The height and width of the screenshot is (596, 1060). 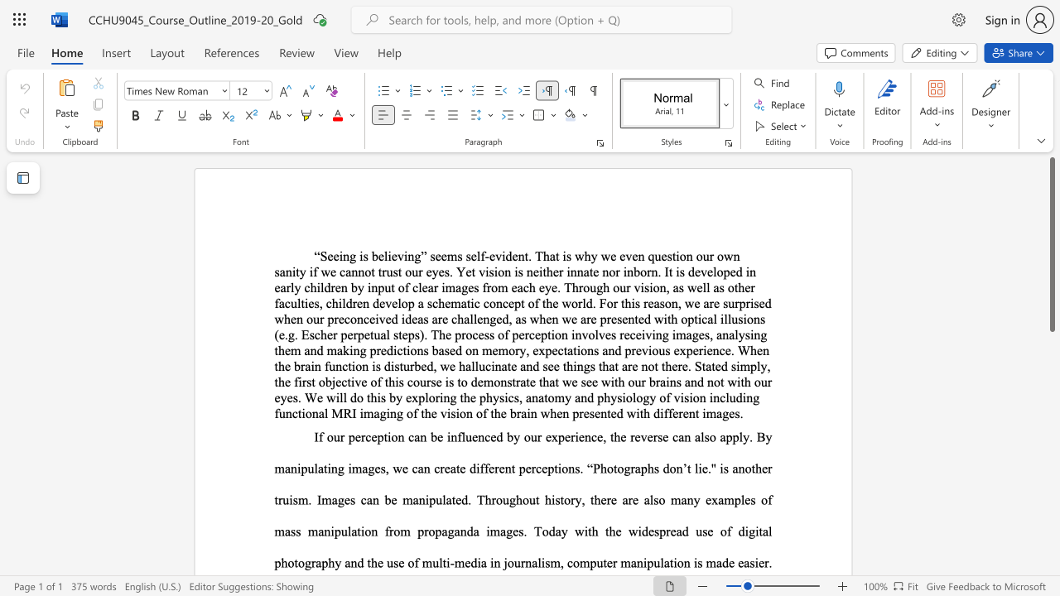 What do you see at coordinates (1051, 429) in the screenshot?
I see `the scrollbar on the side` at bounding box center [1051, 429].